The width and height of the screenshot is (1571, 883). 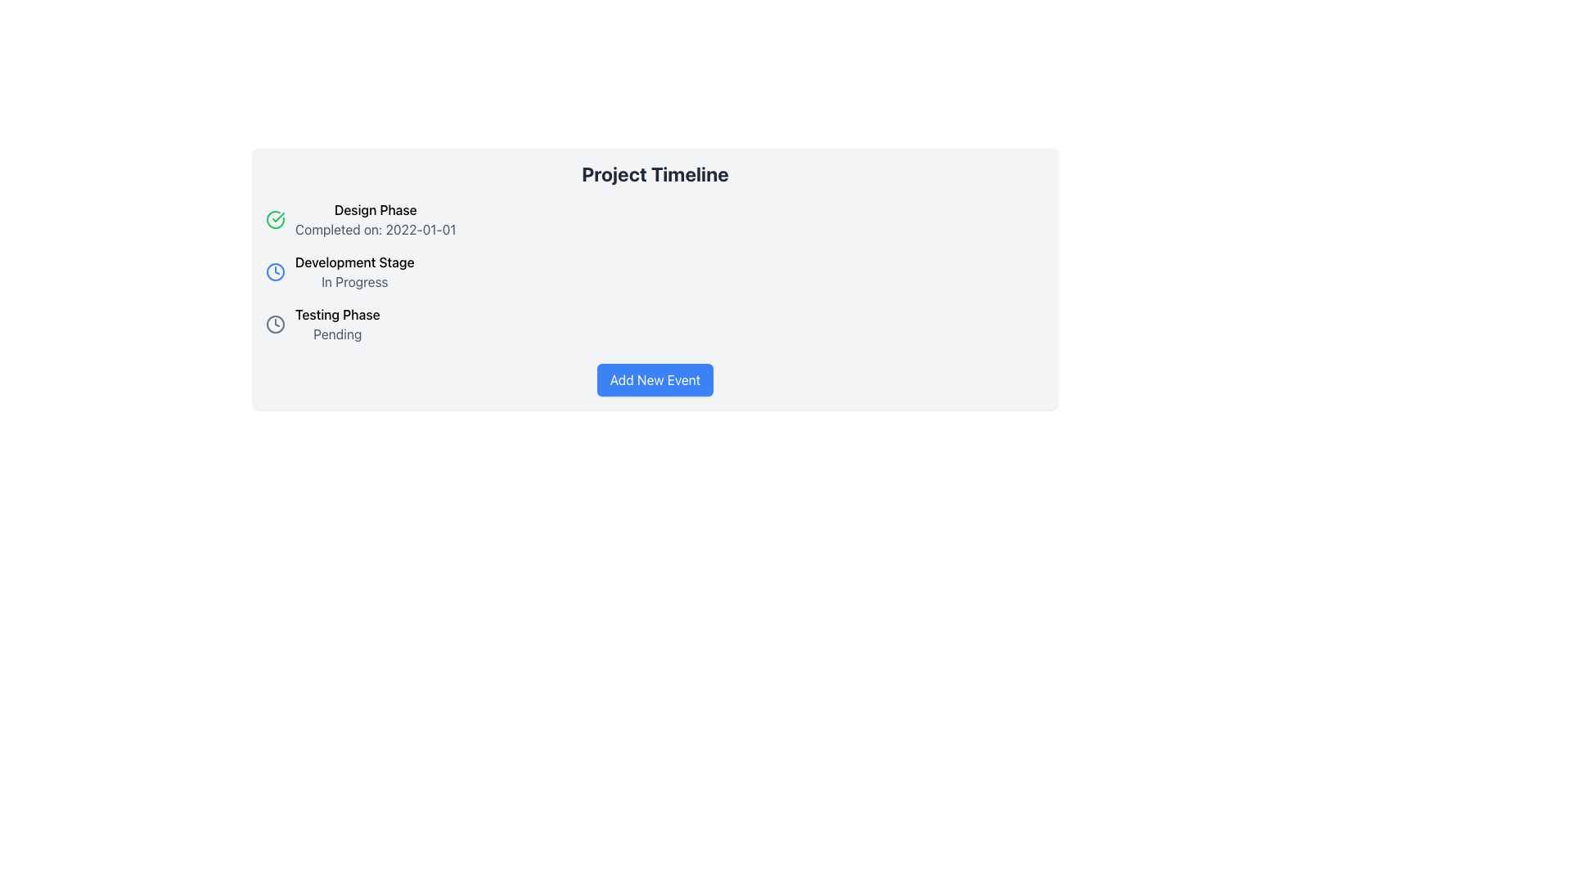 I want to click on the circular graphical object representing a clock within the SVG icon that indicates the 'Testing Phase' in the timeline component, so click(x=275, y=271).